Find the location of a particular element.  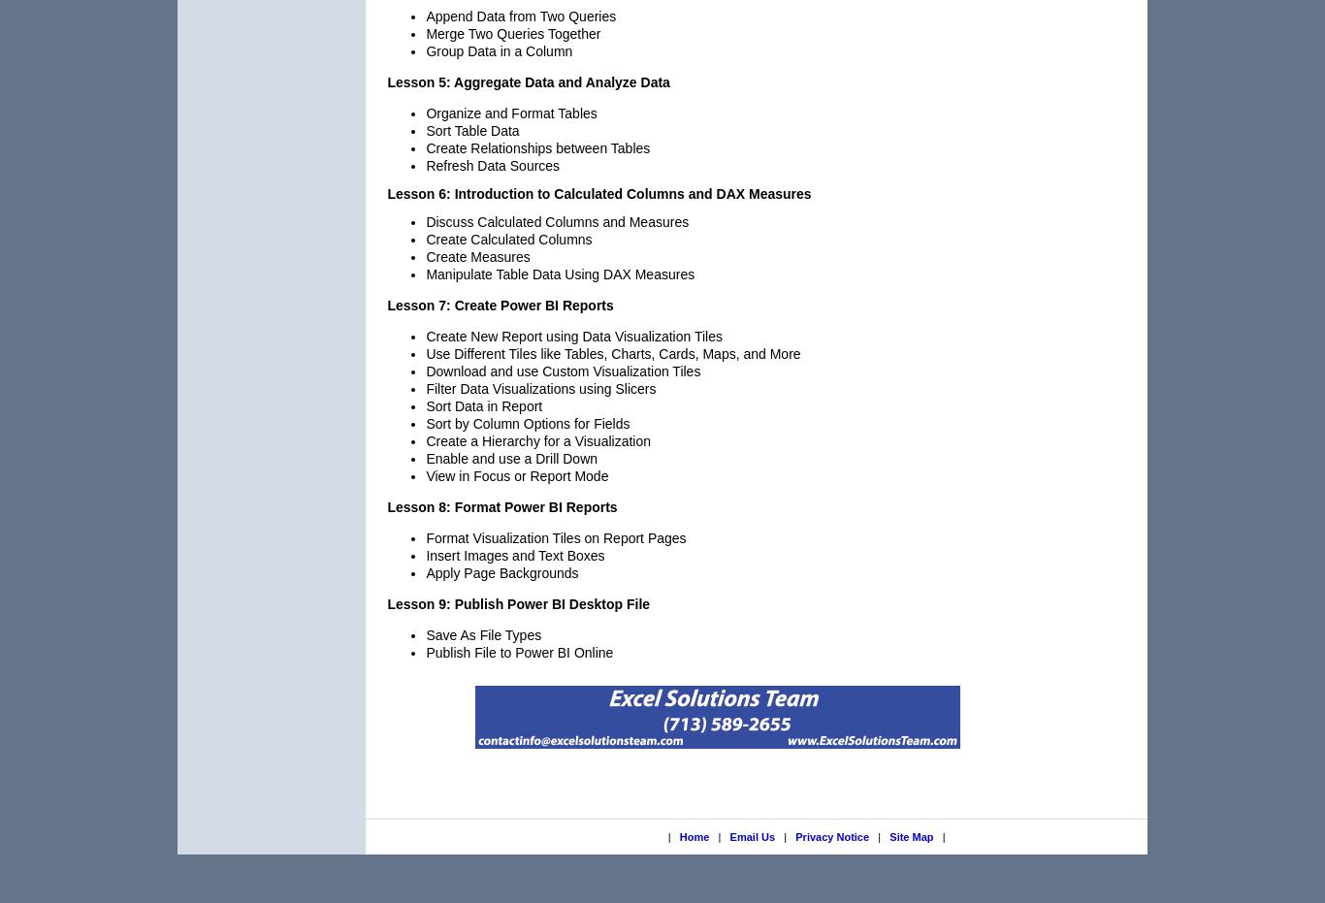

'Use Different Tiles like Tables, Charts, Cards, Maps, and More' is located at coordinates (612, 354).